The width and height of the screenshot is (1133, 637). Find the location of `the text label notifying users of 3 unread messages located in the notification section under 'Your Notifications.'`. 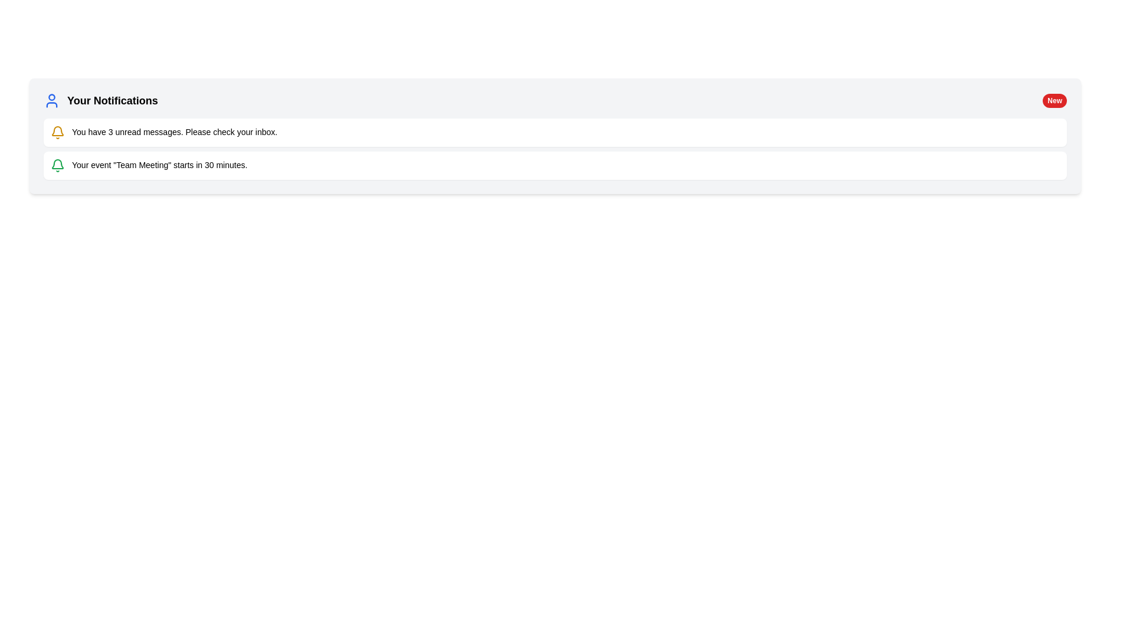

the text label notifying users of 3 unread messages located in the notification section under 'Your Notifications.' is located at coordinates (174, 132).